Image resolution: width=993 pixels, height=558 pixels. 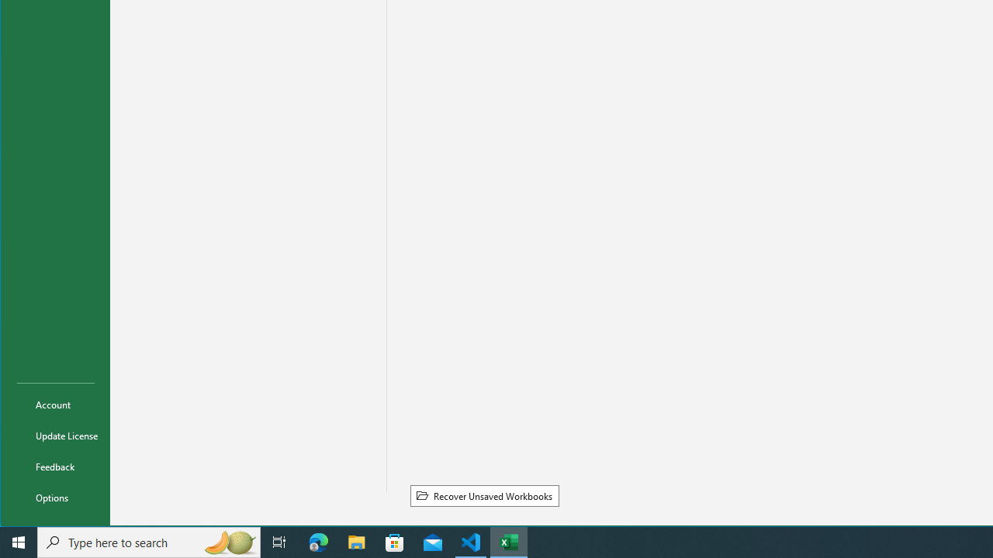 I want to click on 'Type here to search', so click(x=149, y=541).